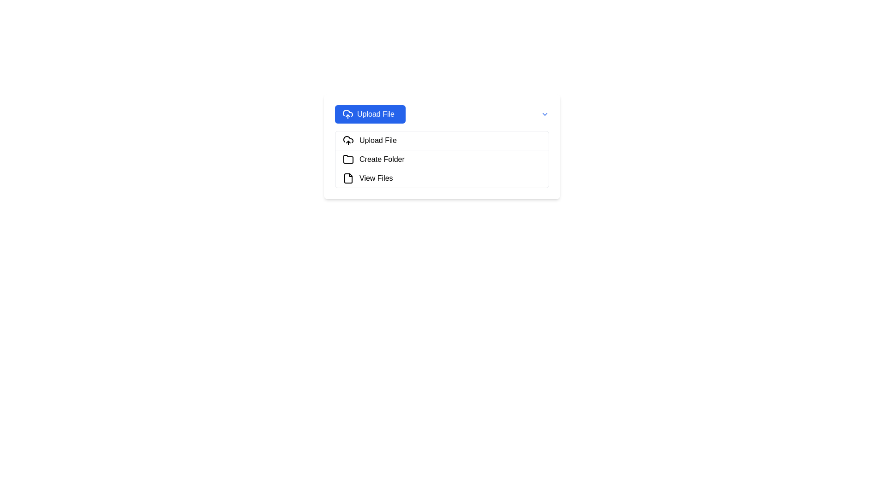 The width and height of the screenshot is (886, 498). Describe the element at coordinates (442, 159) in the screenshot. I see `the 'Create Folder' button, which is the second option in a dropdown menu` at that location.